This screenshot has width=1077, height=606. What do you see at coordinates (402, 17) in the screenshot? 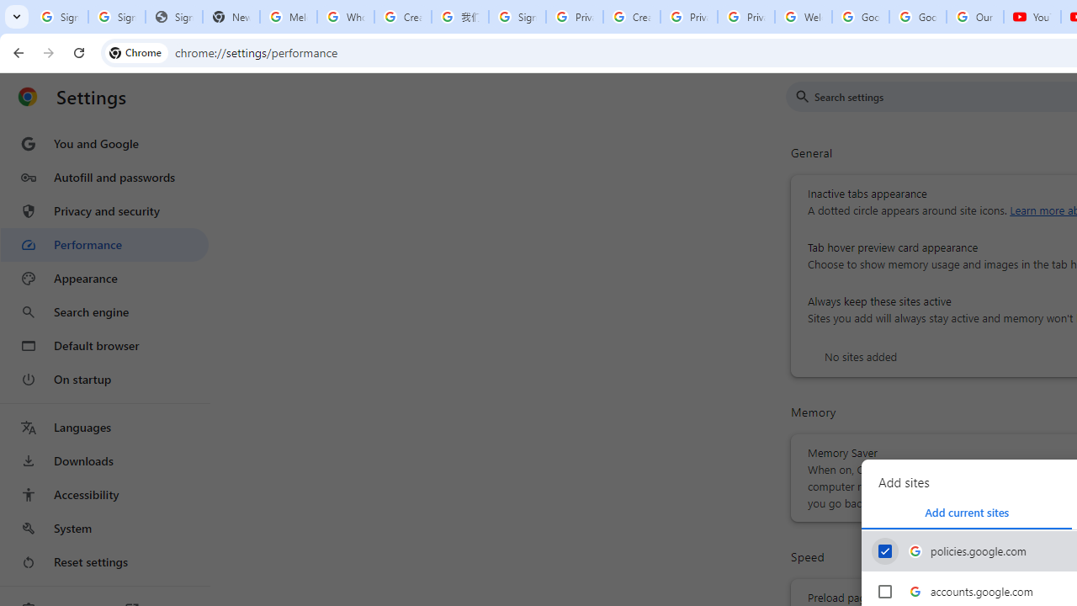
I see `'Create your Google Account'` at bounding box center [402, 17].